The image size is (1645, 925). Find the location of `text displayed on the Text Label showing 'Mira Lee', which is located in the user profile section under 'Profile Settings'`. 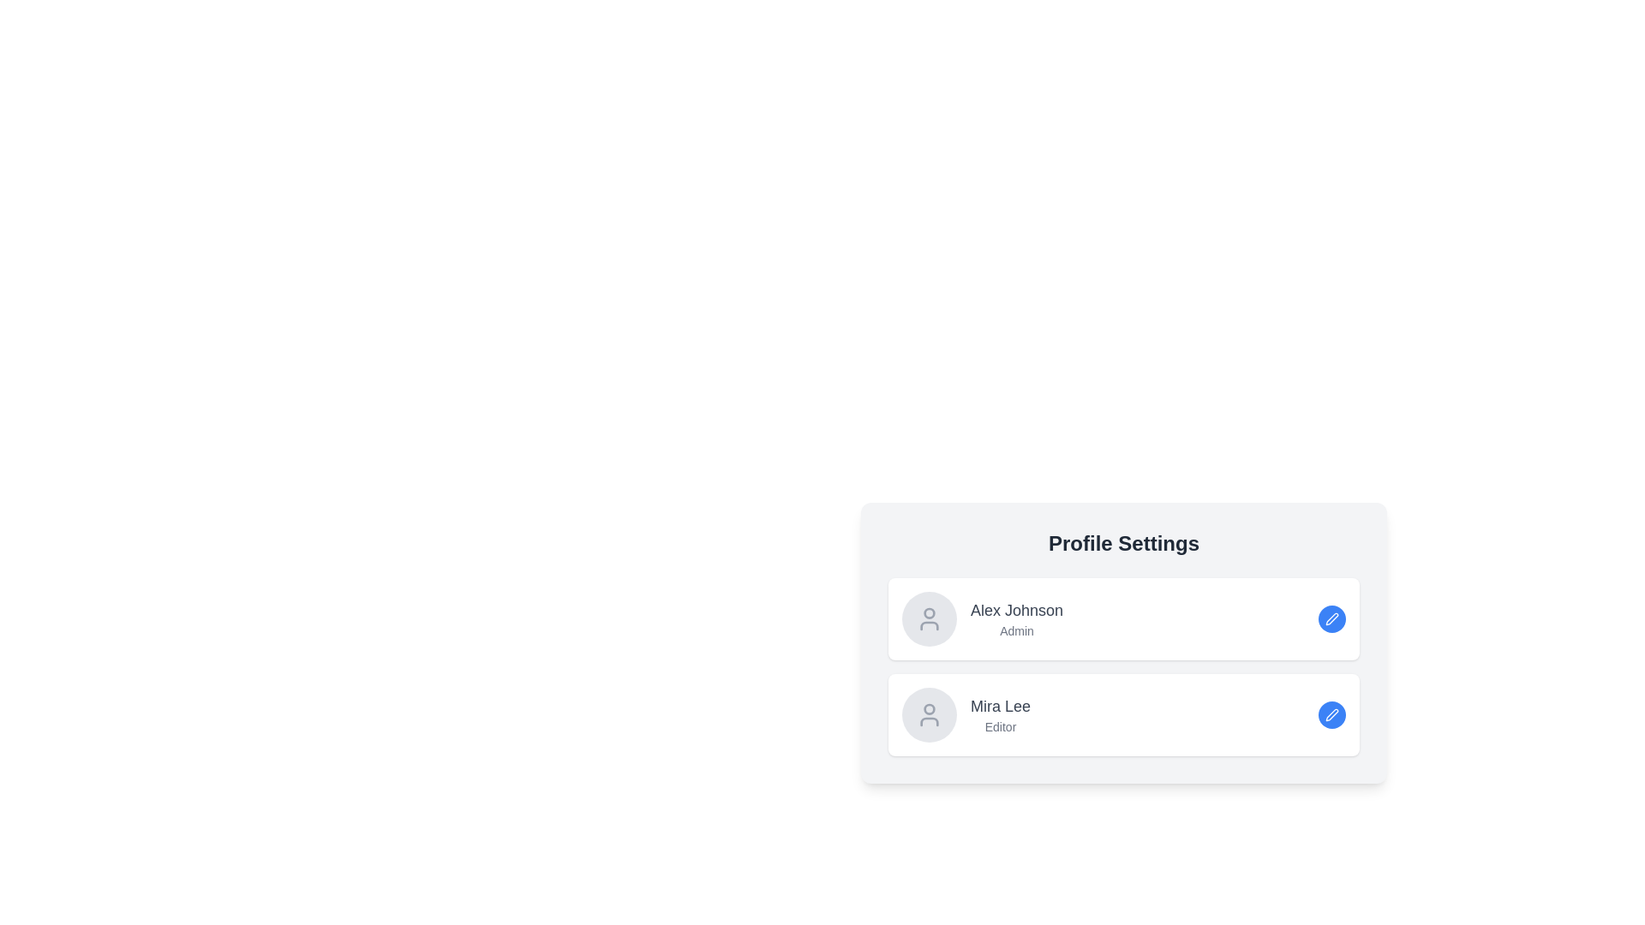

text displayed on the Text Label showing 'Mira Lee', which is located in the user profile section under 'Profile Settings' is located at coordinates (1000, 707).